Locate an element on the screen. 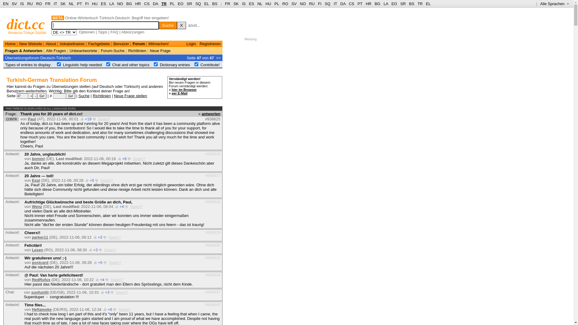  '#938634' is located at coordinates (205, 275).